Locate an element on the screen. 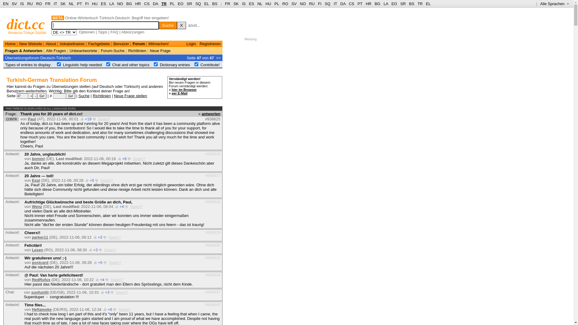  '#938634' is located at coordinates (205, 275).